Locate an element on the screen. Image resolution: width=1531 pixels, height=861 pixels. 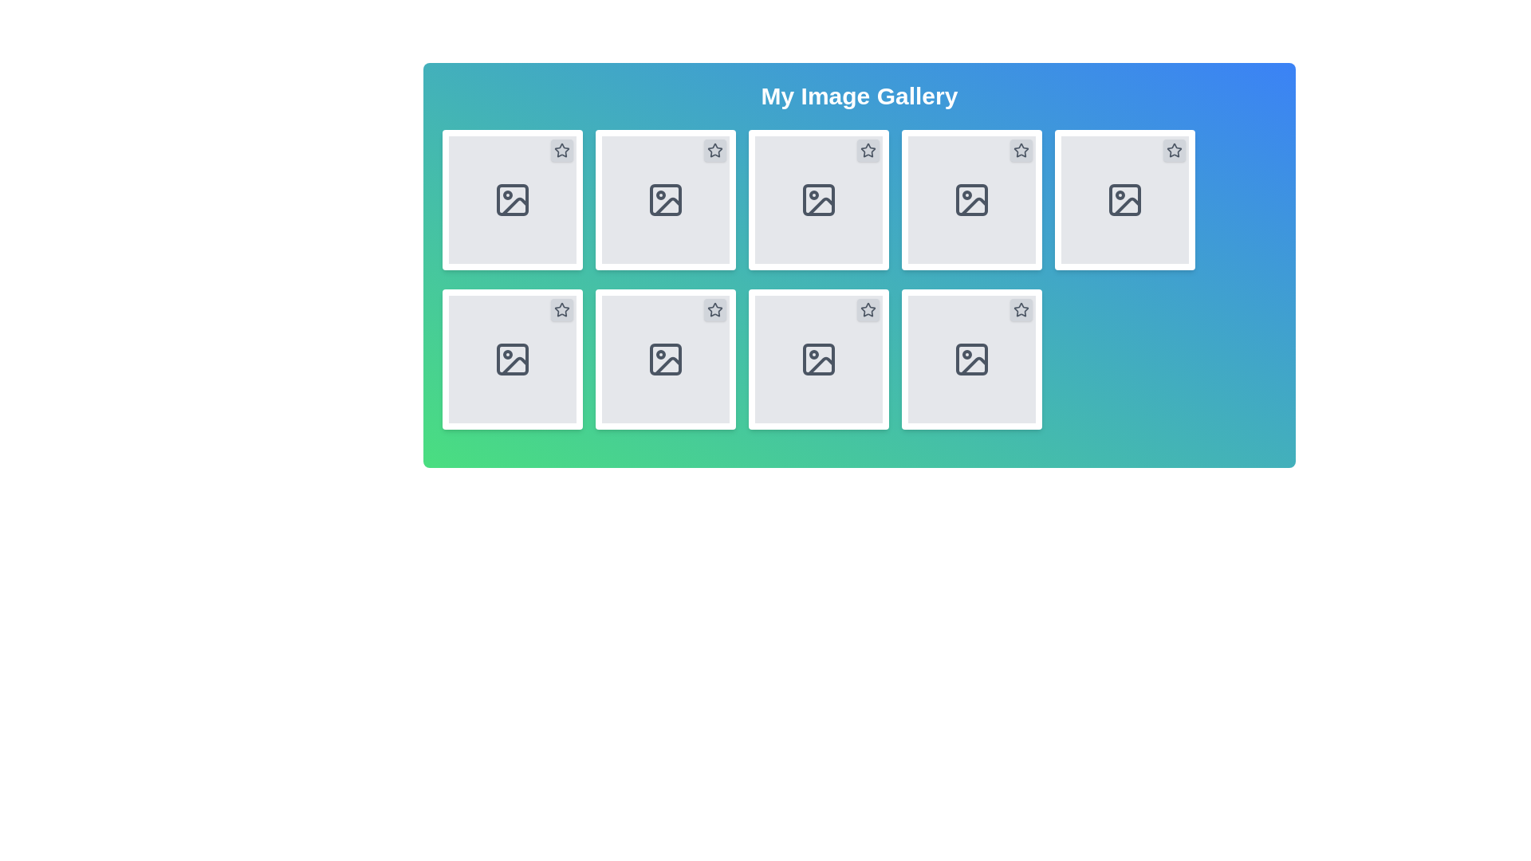
the icon button located at the top-right corner of the first item in a 3x3 grid layout is located at coordinates (562, 151).